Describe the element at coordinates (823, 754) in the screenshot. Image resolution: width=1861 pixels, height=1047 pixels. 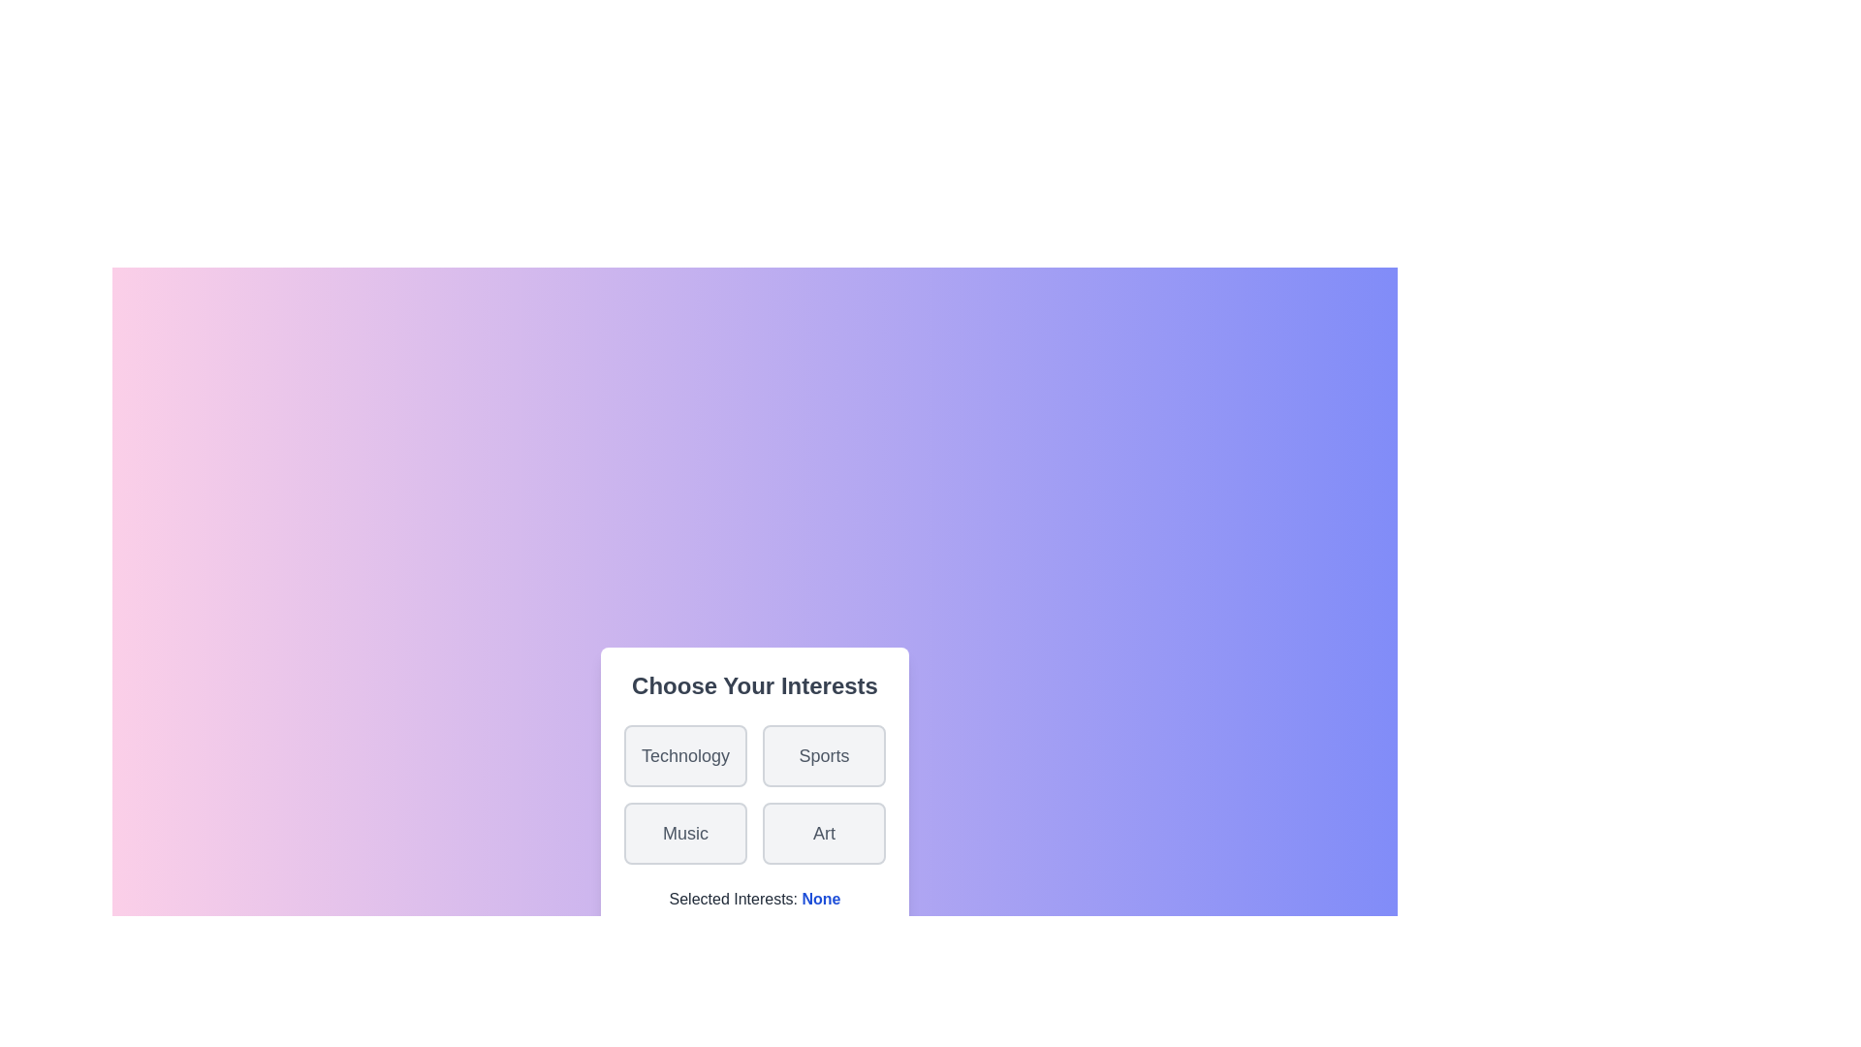
I see `the Sports button` at that location.